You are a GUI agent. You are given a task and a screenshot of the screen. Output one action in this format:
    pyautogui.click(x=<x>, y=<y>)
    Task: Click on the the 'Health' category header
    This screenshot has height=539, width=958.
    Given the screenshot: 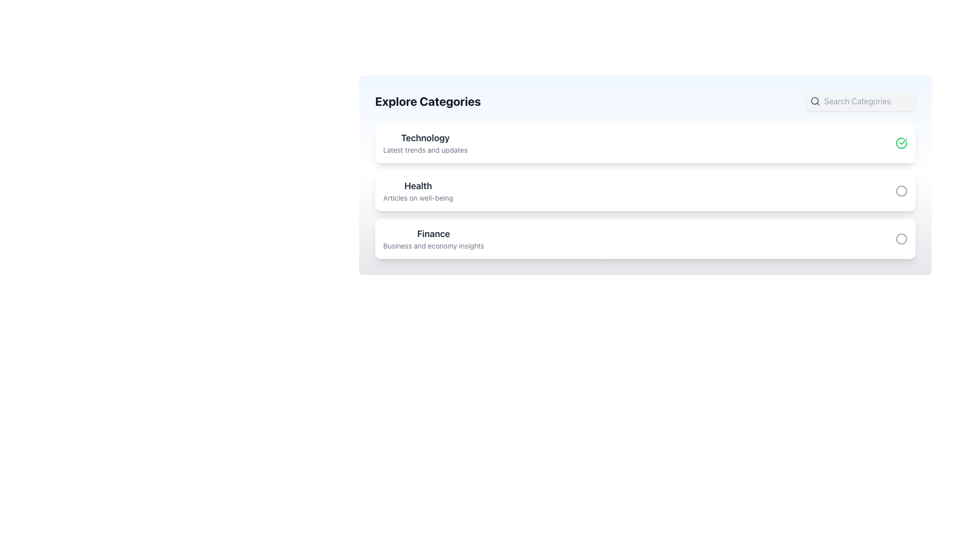 What is the action you would take?
    pyautogui.click(x=418, y=191)
    